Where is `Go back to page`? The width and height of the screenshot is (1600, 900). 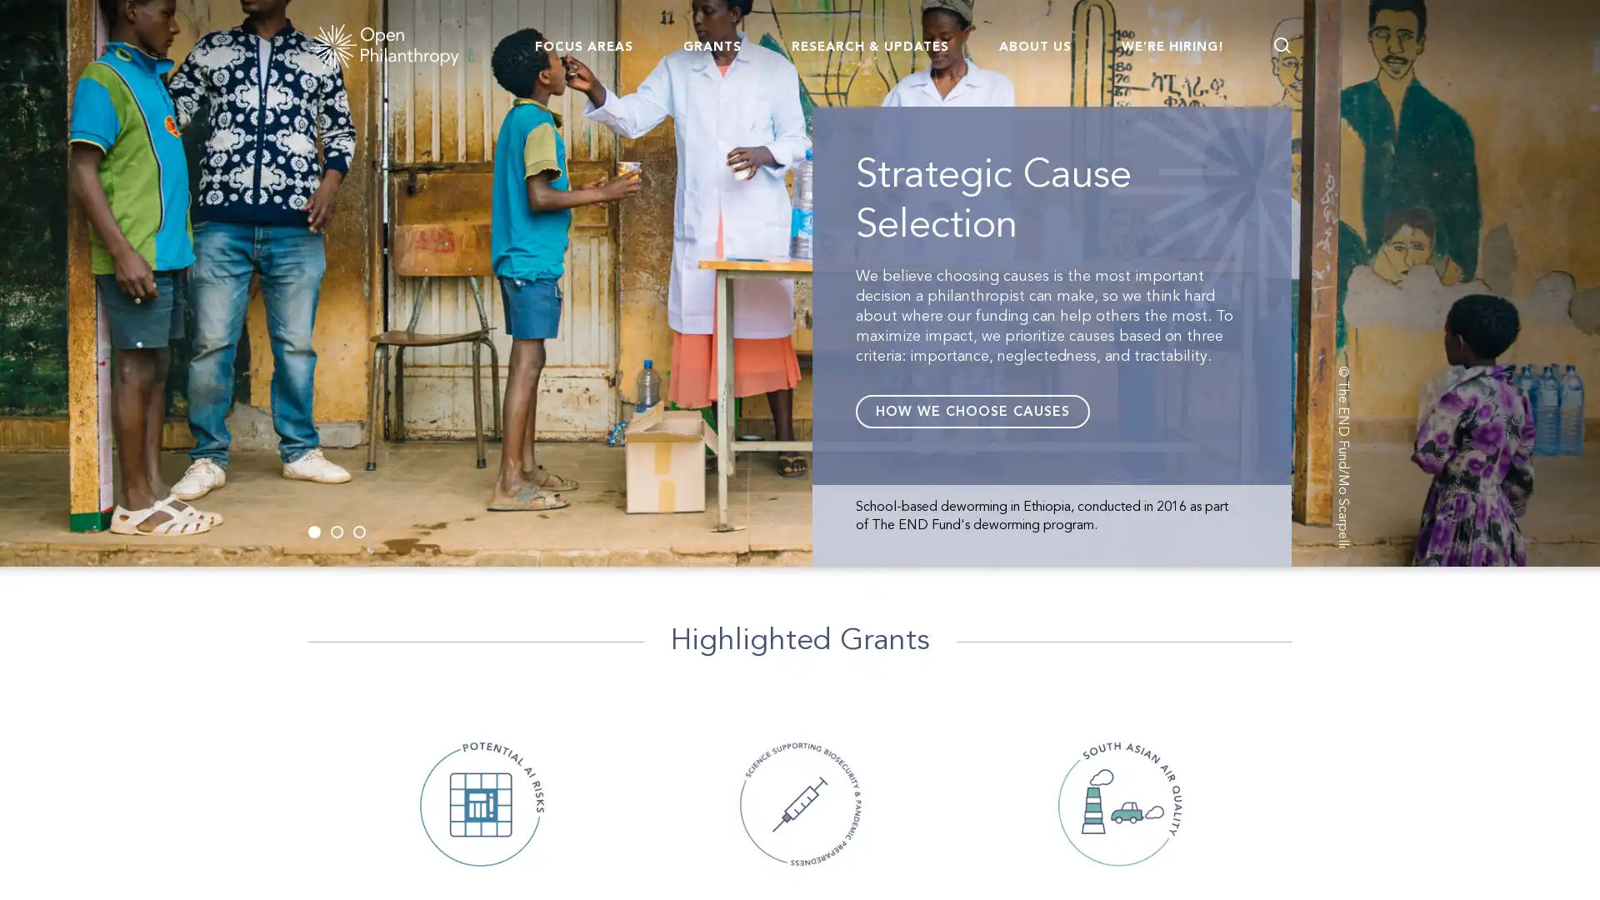
Go back to page is located at coordinates (1572, 36).